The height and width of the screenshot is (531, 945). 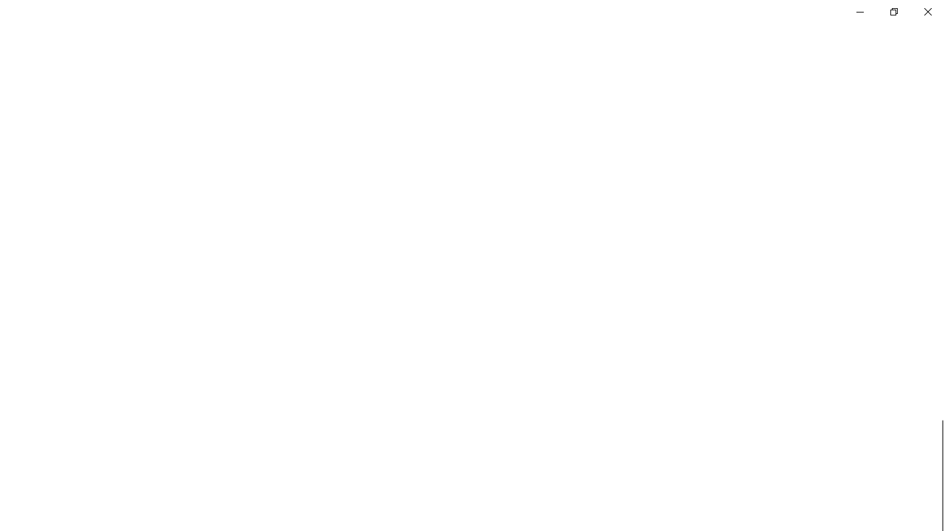 What do you see at coordinates (893, 11) in the screenshot?
I see `'Restore Settings'` at bounding box center [893, 11].